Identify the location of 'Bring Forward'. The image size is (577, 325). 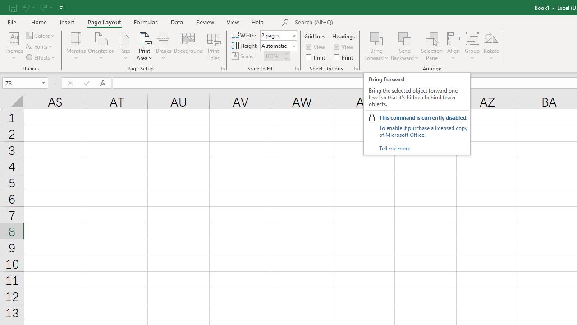
(376, 38).